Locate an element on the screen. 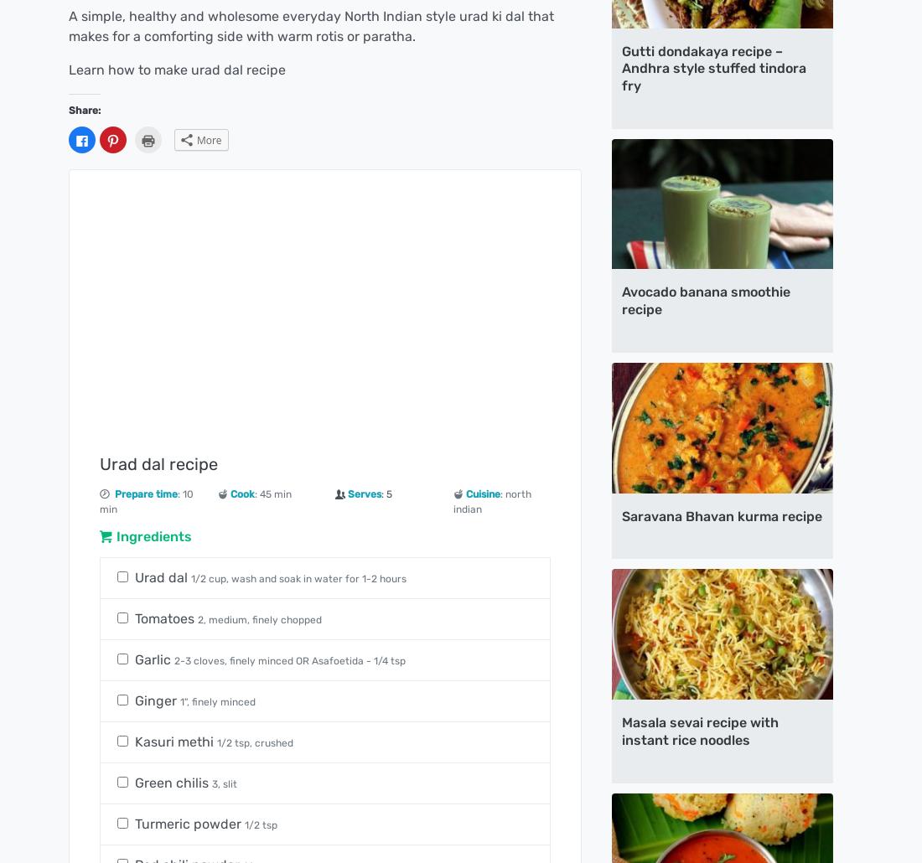 The image size is (922, 863). 'Green chilis' is located at coordinates (174, 782).